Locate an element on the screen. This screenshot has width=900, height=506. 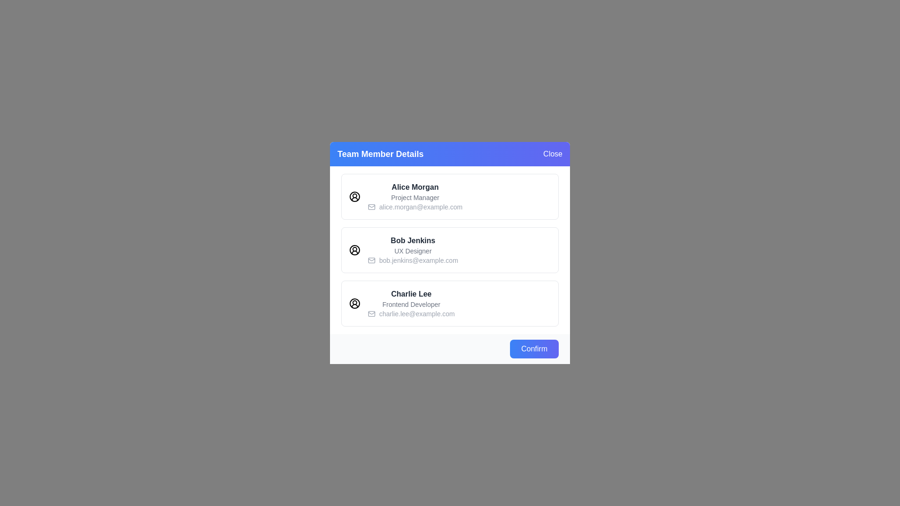
the envelope icon located to the left of the email address 'alice.morgan@example.com' within the 'Team Member Details' modal is located at coordinates (371, 207).